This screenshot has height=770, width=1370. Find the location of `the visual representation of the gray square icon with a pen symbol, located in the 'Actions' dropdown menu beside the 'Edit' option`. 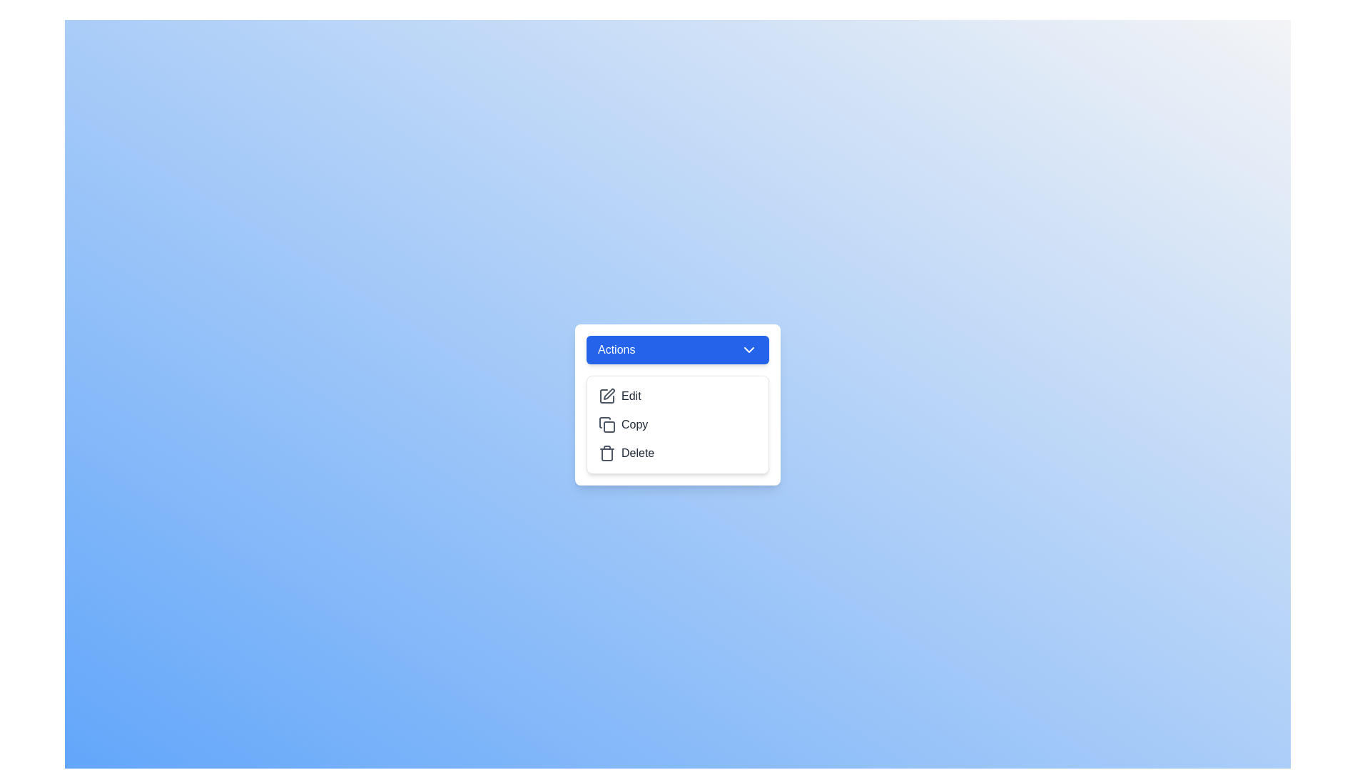

the visual representation of the gray square icon with a pen symbol, located in the 'Actions' dropdown menu beside the 'Edit' option is located at coordinates (607, 396).